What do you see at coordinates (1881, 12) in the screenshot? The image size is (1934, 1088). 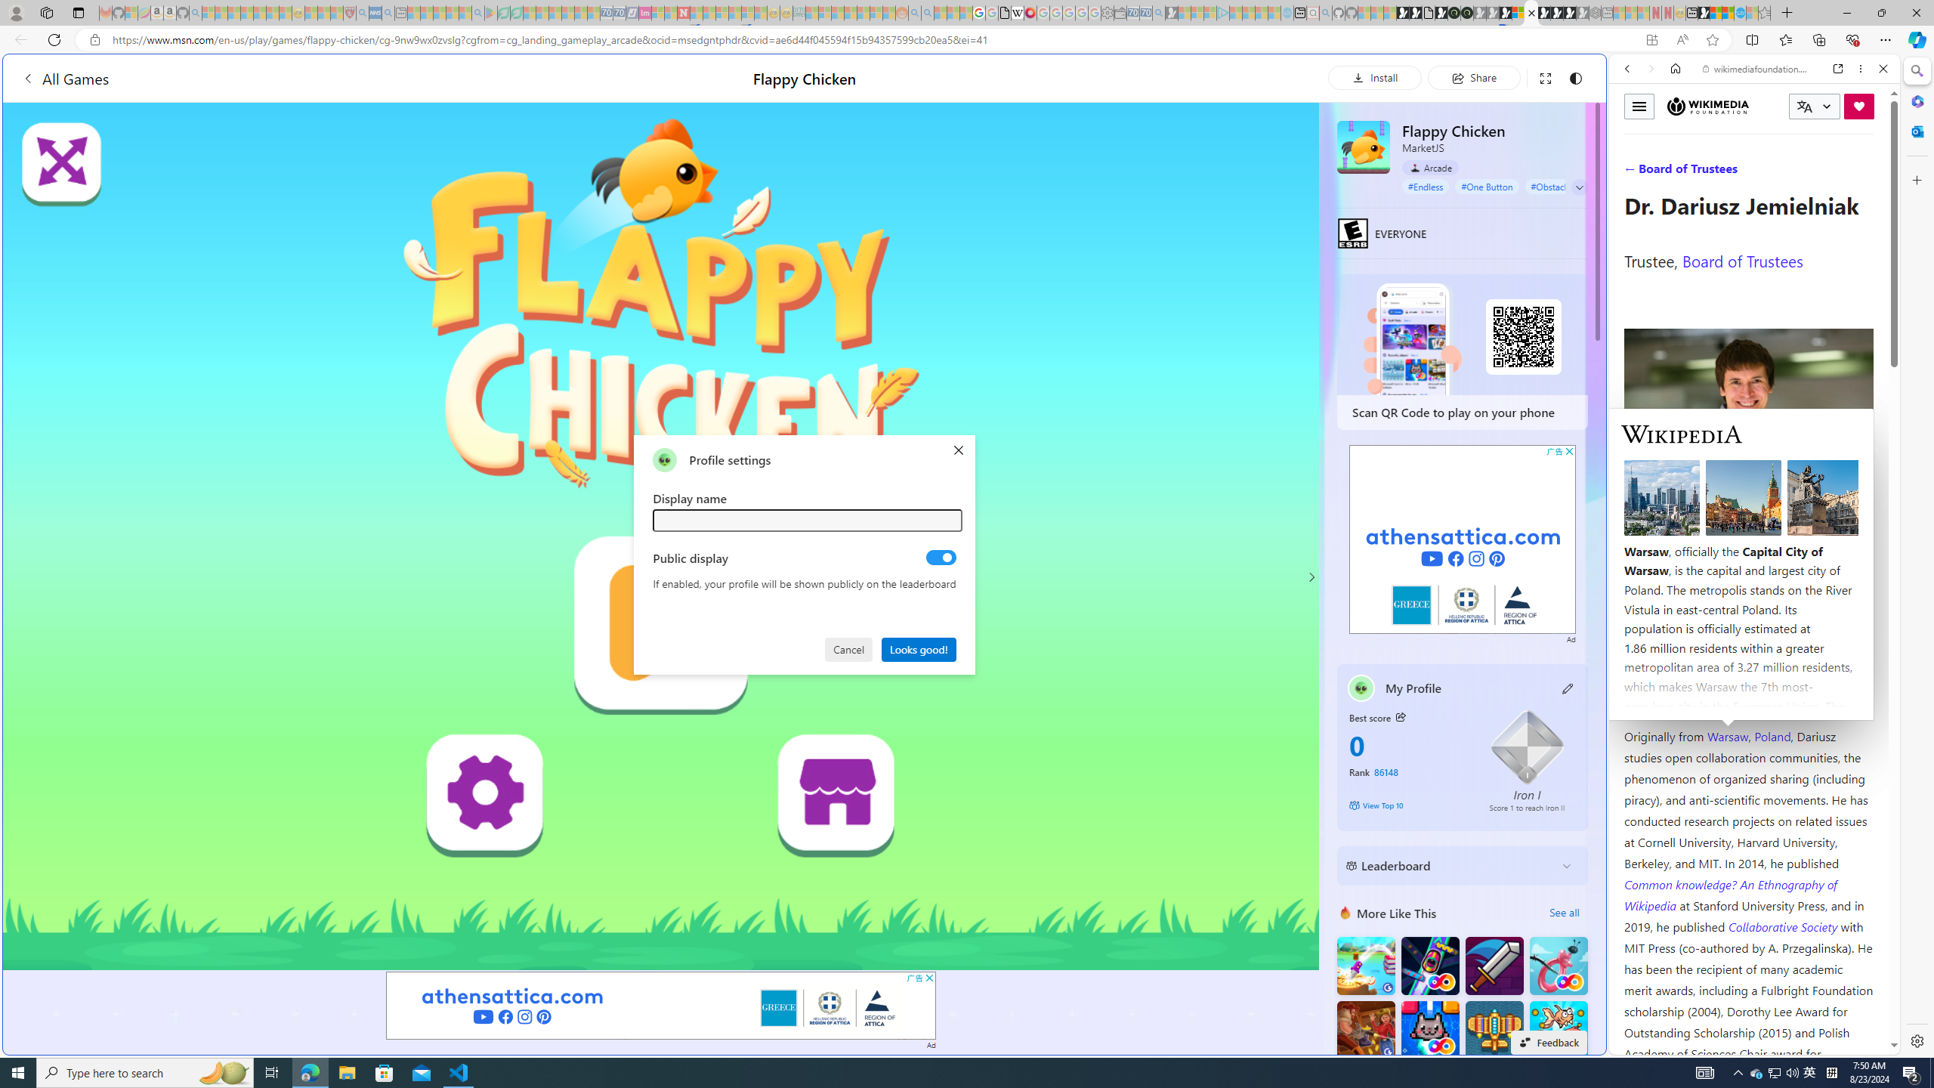 I see `'Restore'` at bounding box center [1881, 12].